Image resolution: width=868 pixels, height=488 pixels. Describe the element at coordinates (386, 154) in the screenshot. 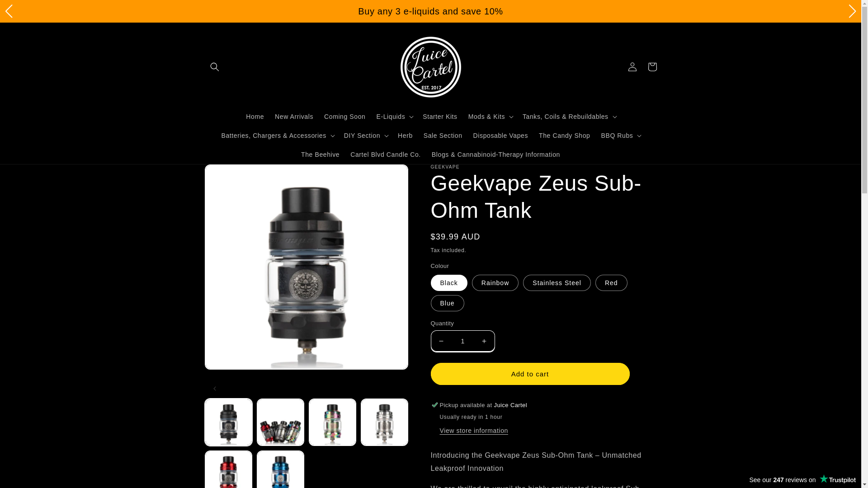

I see `'Cartel Blvd Candle Co.'` at that location.